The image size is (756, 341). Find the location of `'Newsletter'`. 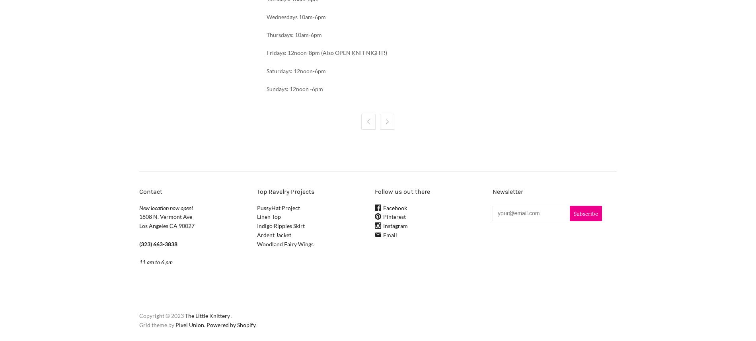

'Newsletter' is located at coordinates (507, 191).